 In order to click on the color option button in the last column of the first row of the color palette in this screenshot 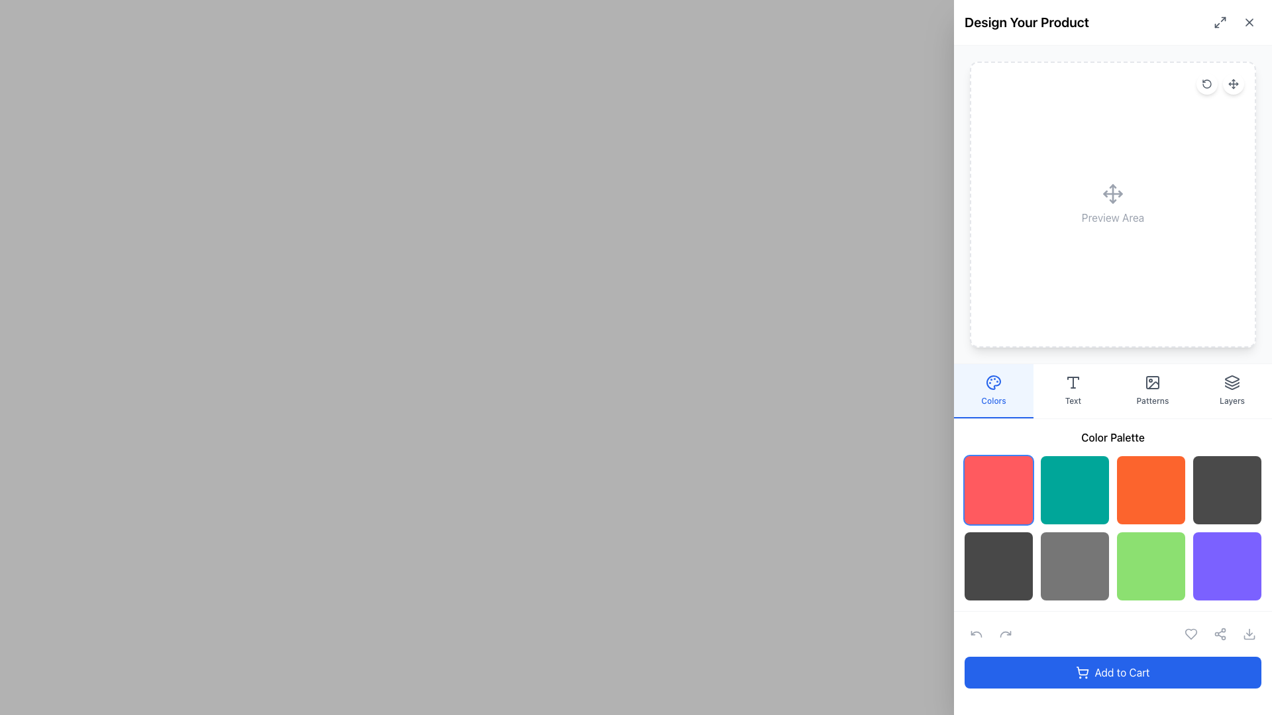, I will do `click(1226, 490)`.